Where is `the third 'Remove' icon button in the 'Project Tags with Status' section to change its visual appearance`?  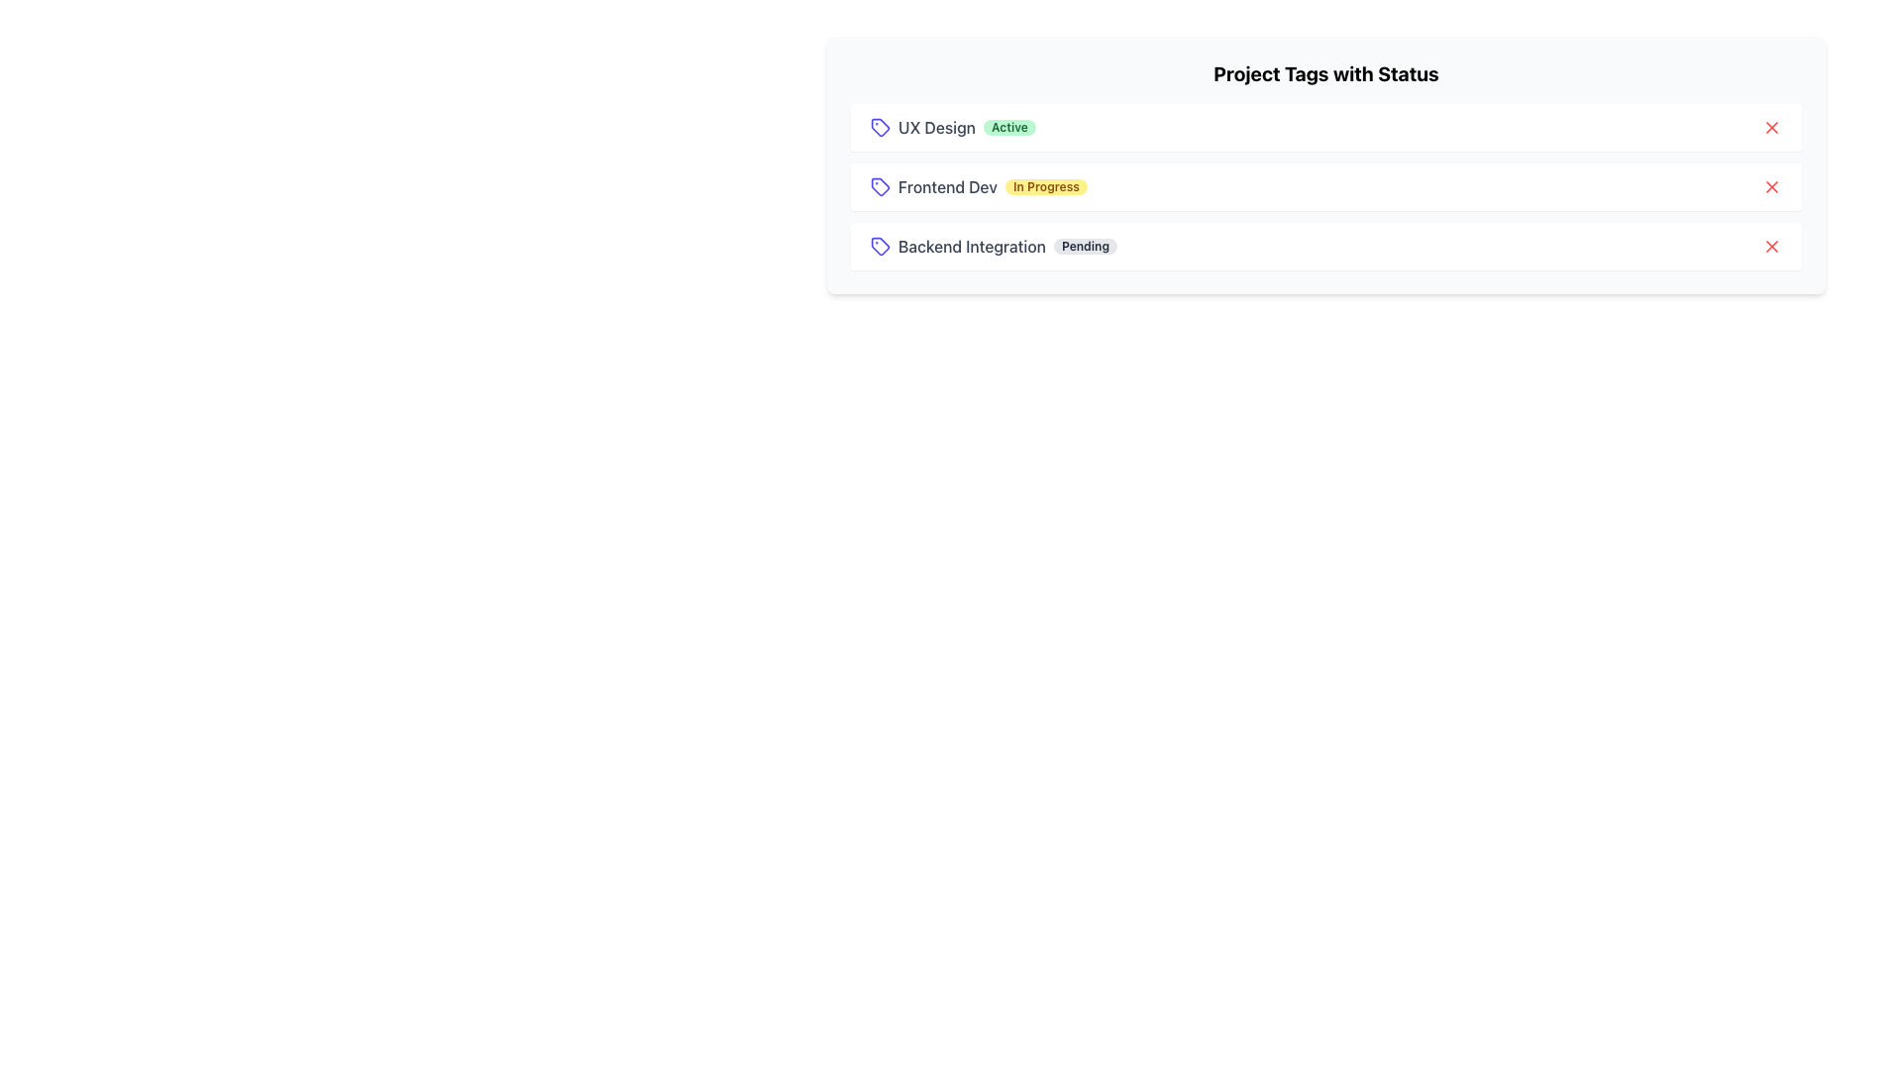
the third 'Remove' icon button in the 'Project Tags with Status' section to change its visual appearance is located at coordinates (1772, 246).